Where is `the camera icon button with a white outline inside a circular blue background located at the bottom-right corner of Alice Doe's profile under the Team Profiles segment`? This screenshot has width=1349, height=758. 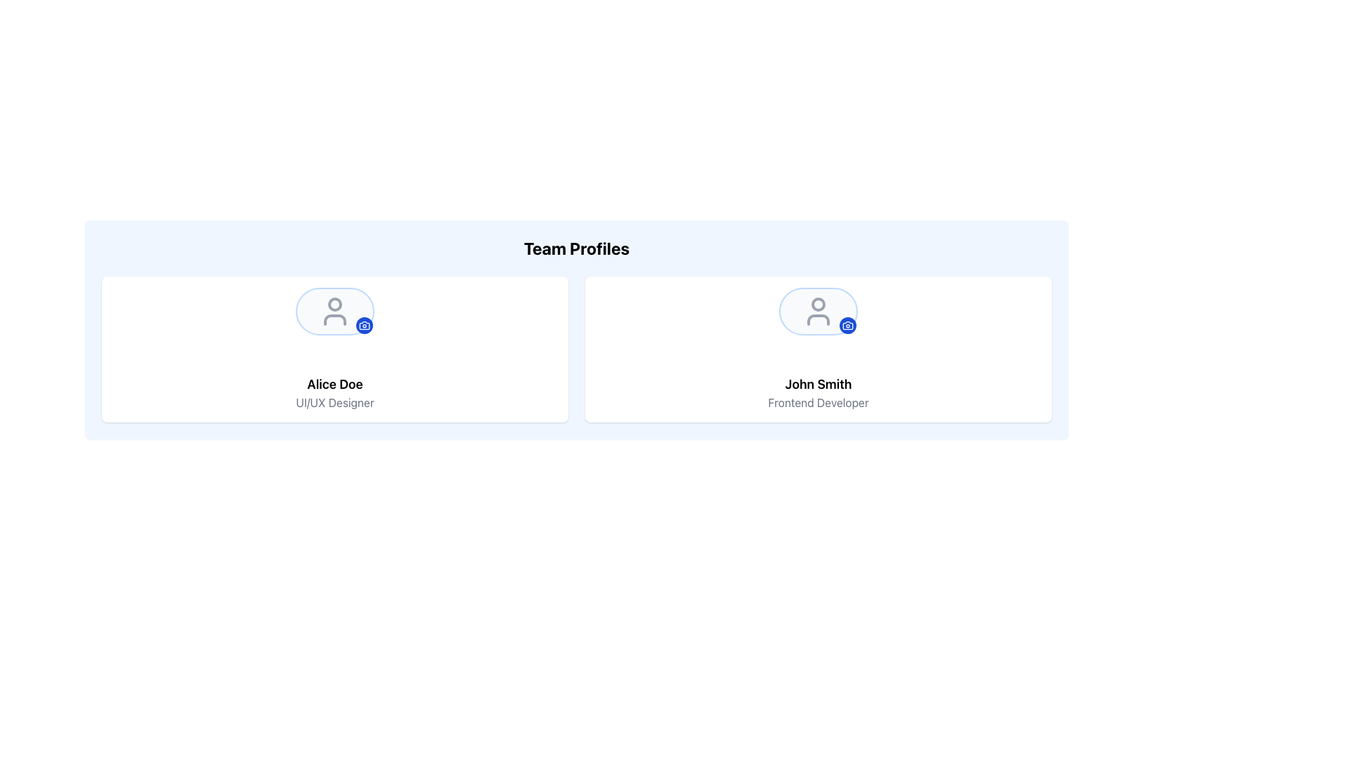
the camera icon button with a white outline inside a circular blue background located at the bottom-right corner of Alice Doe's profile under the Team Profiles segment is located at coordinates (364, 325).